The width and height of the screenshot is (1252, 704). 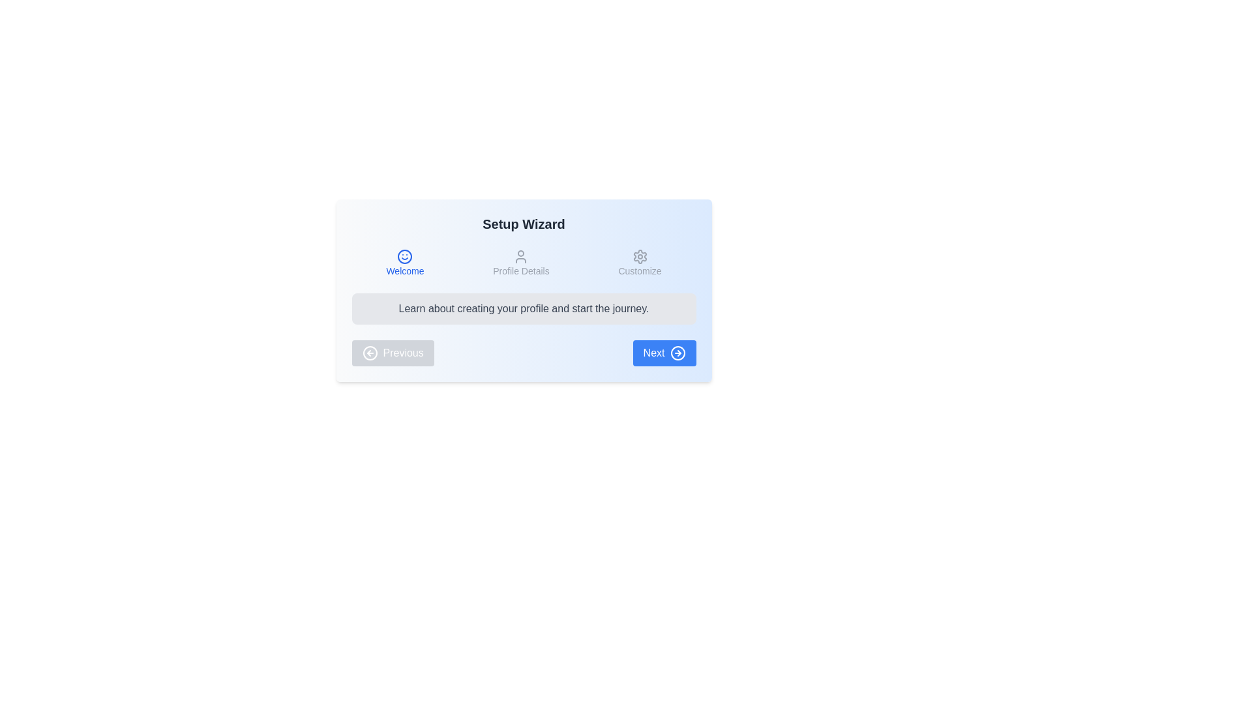 What do you see at coordinates (392, 353) in the screenshot?
I see `the navigation button located at the bottom-left corner of the pagination controls` at bounding box center [392, 353].